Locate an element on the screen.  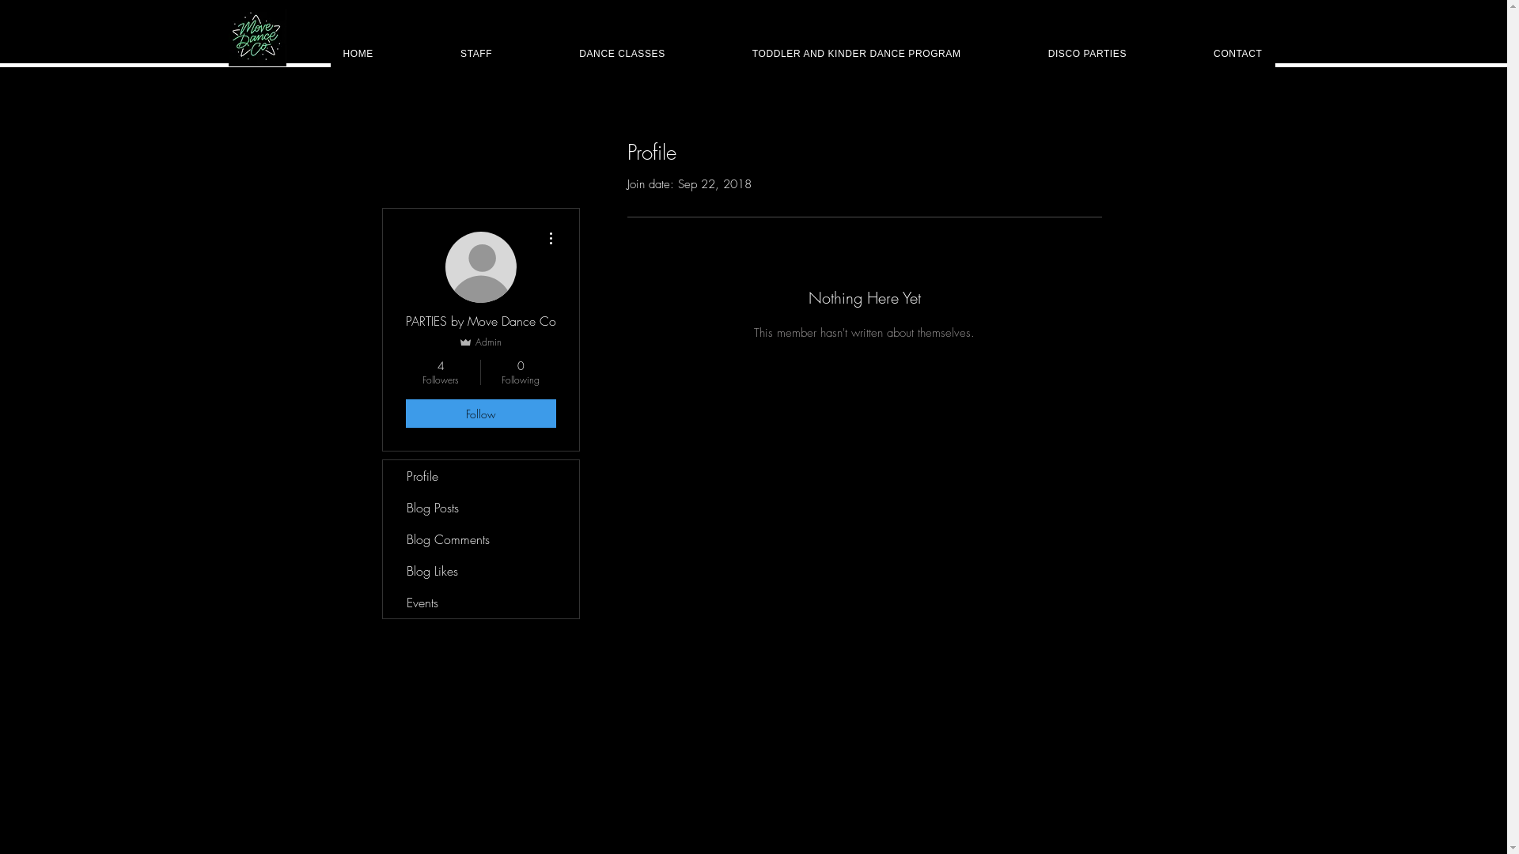
'Blog Likes' is located at coordinates (480, 570).